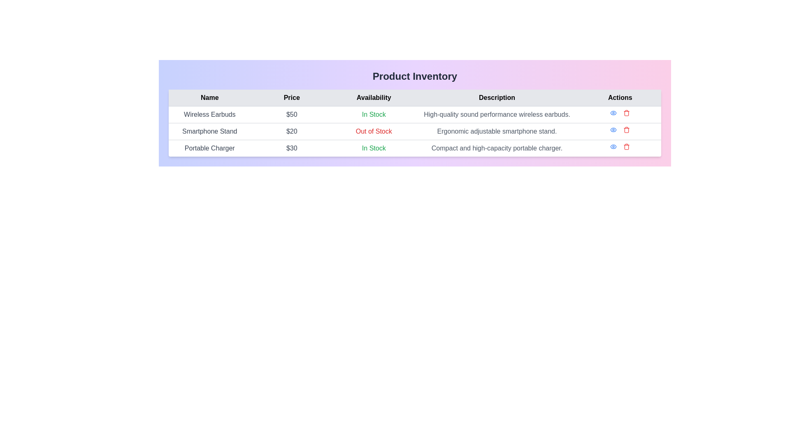 The width and height of the screenshot is (790, 444). Describe the element at coordinates (415, 131) in the screenshot. I see `availability status of the 'Smartphone Stand' product in the second row of the table beneath the 'Product Inventory' header` at that location.